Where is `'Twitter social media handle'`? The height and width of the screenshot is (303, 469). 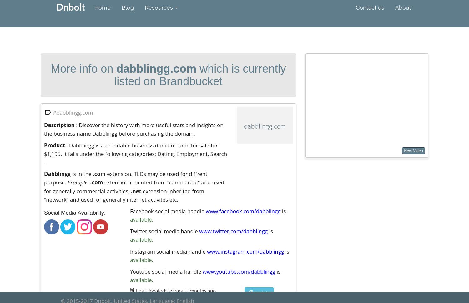 'Twitter social media handle' is located at coordinates (164, 231).